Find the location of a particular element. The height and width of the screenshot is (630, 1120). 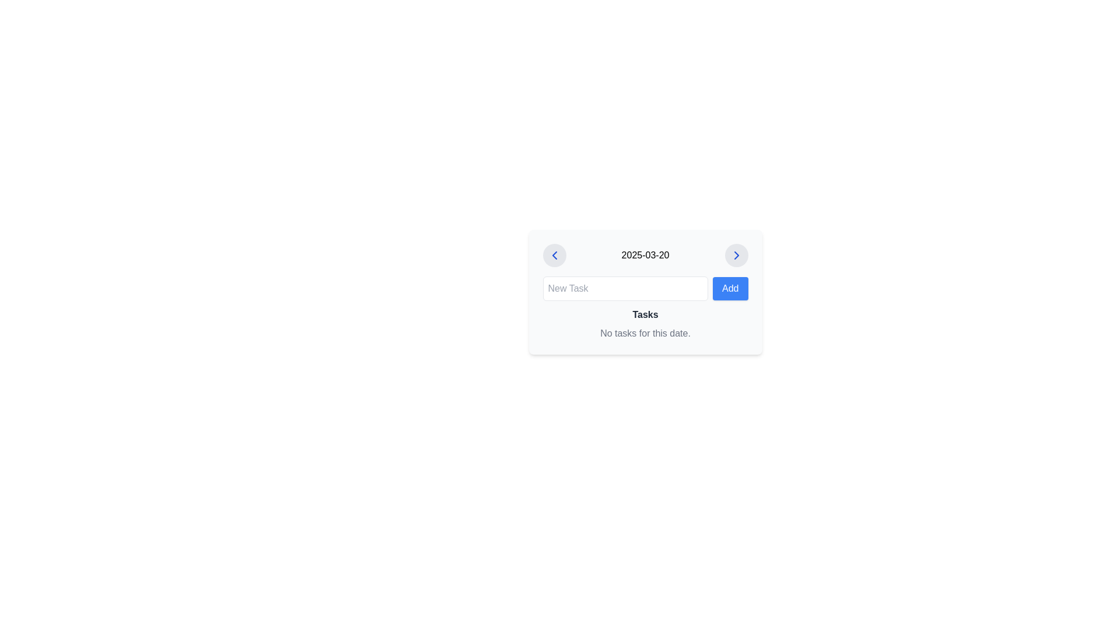

the leftward-facing arrow icon within the blue-tinted button is located at coordinates (554, 255).